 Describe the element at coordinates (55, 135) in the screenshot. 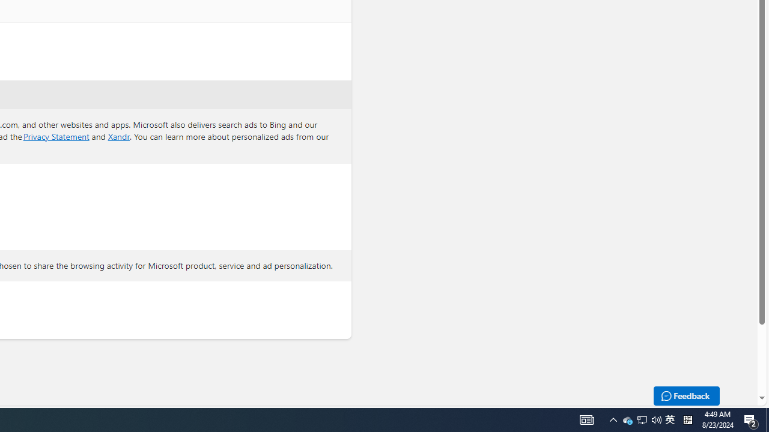

I see `'Privacy Statement'` at that location.